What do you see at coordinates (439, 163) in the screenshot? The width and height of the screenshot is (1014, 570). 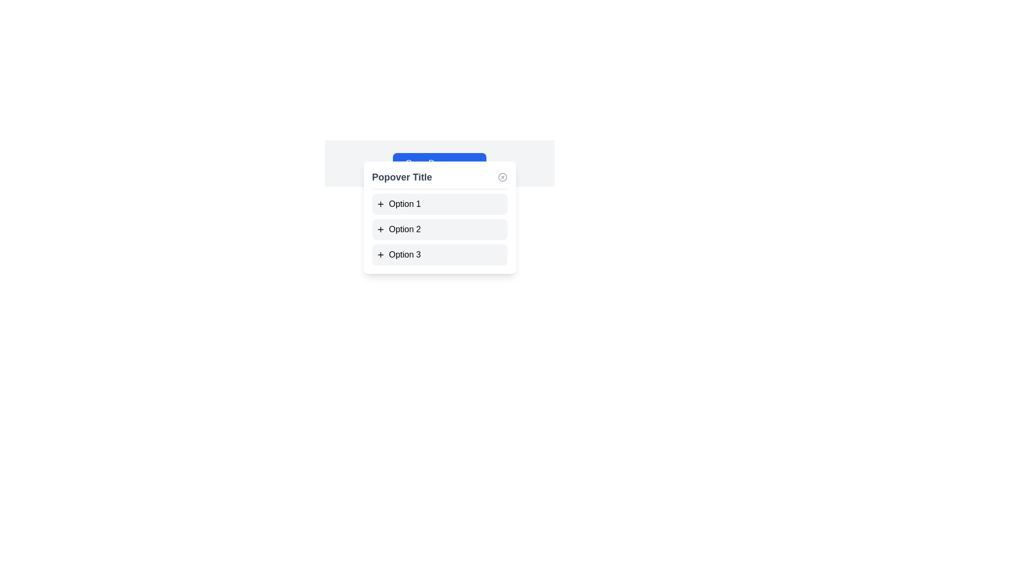 I see `the 'Open Popover' button, which has a blue background and white text` at bounding box center [439, 163].